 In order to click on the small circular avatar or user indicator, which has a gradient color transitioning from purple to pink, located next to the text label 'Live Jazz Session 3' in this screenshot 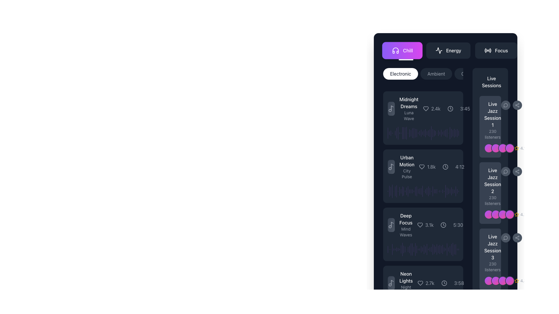, I will do `click(489, 280)`.